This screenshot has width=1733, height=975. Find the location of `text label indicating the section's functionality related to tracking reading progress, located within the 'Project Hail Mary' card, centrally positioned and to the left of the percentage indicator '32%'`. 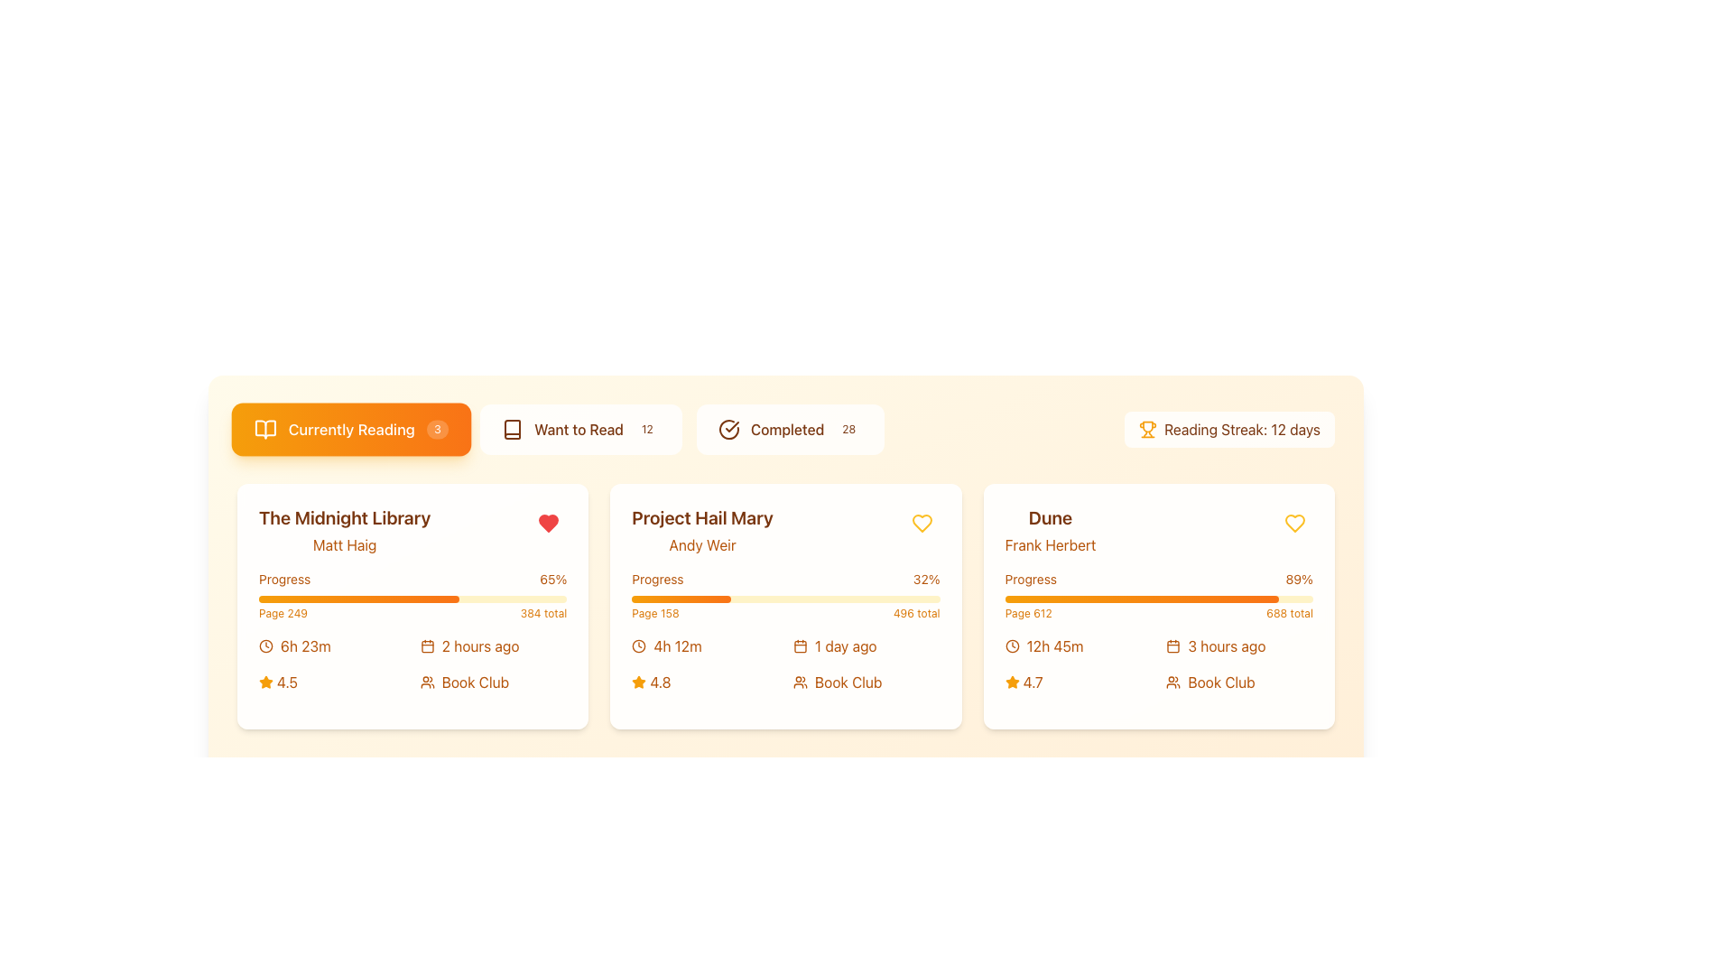

text label indicating the section's functionality related to tracking reading progress, located within the 'Project Hail Mary' card, centrally positioned and to the left of the percentage indicator '32%' is located at coordinates (657, 579).